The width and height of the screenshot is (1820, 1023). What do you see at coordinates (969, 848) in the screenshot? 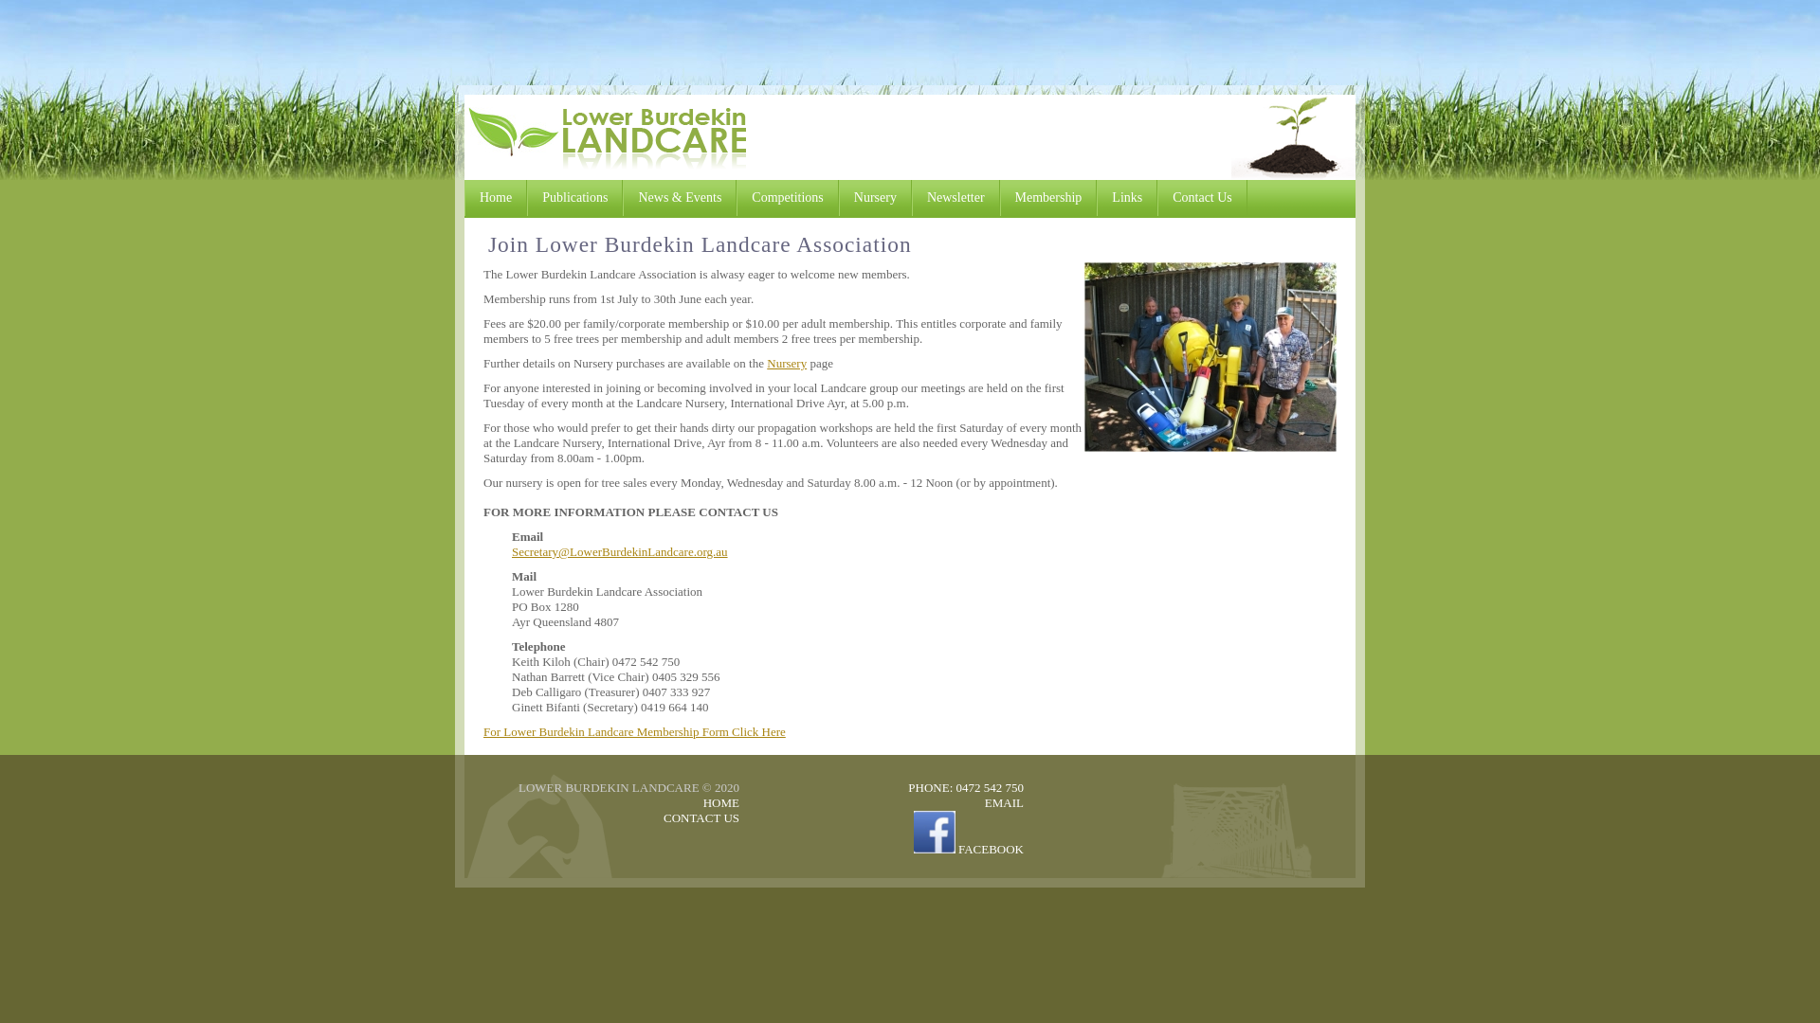
I see `'FACEBOOK'` at bounding box center [969, 848].